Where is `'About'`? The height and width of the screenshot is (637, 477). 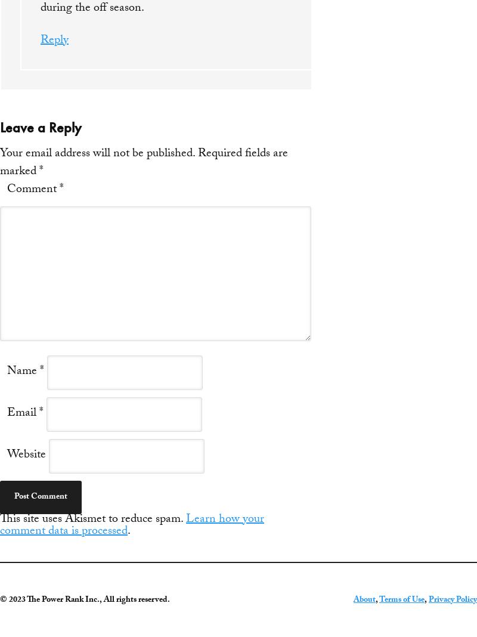 'About' is located at coordinates (364, 601).